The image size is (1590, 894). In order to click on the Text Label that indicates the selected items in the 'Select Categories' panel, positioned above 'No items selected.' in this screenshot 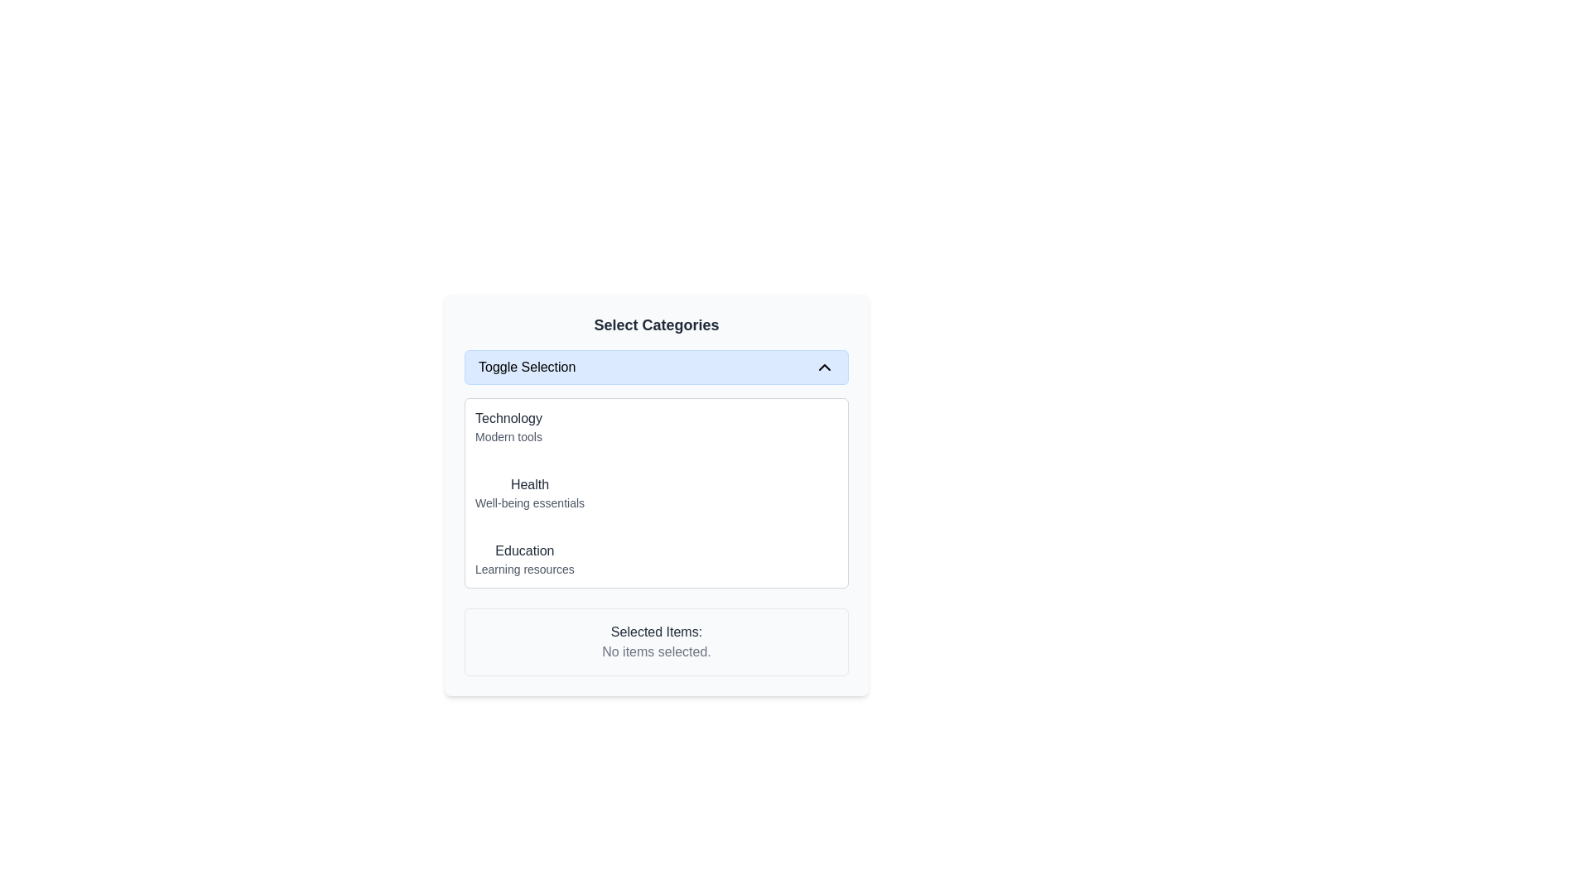, I will do `click(655, 632)`.